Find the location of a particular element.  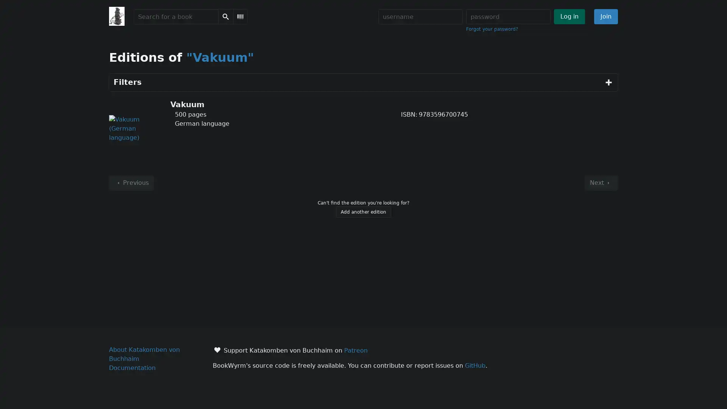

Scan Barcode is located at coordinates (239, 16).